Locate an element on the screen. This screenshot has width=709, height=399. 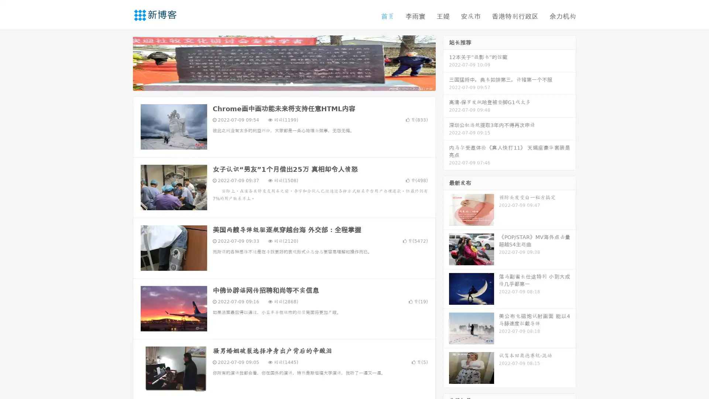
Go to slide 2 is located at coordinates (284, 83).